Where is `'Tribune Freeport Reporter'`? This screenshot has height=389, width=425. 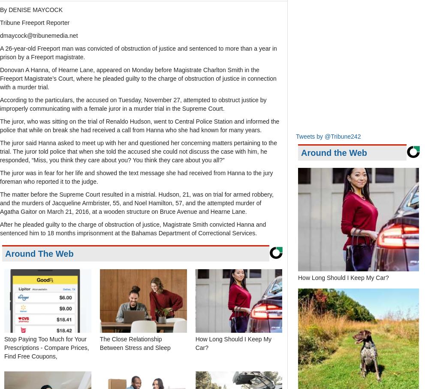 'Tribune Freeport Reporter' is located at coordinates (34, 23).